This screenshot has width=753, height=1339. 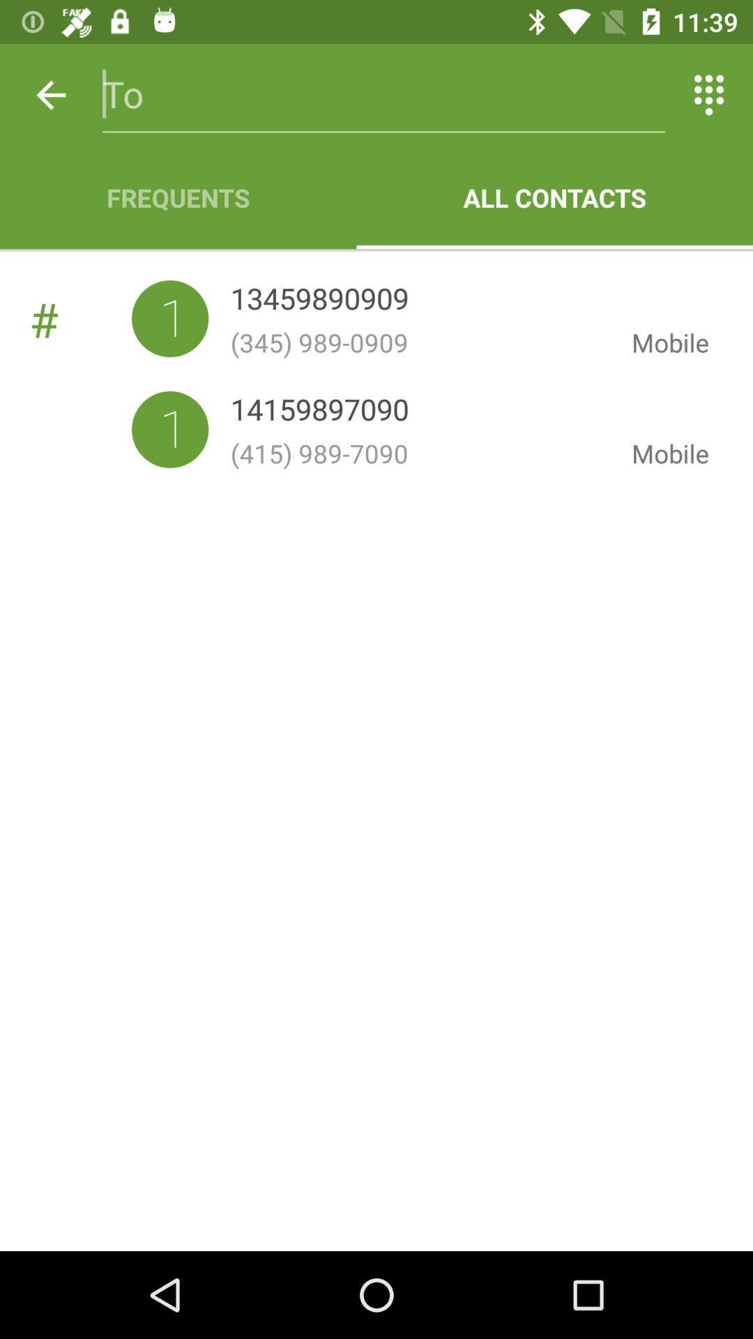 I want to click on the icon above (345) 989-0909 item, so click(x=319, y=301).